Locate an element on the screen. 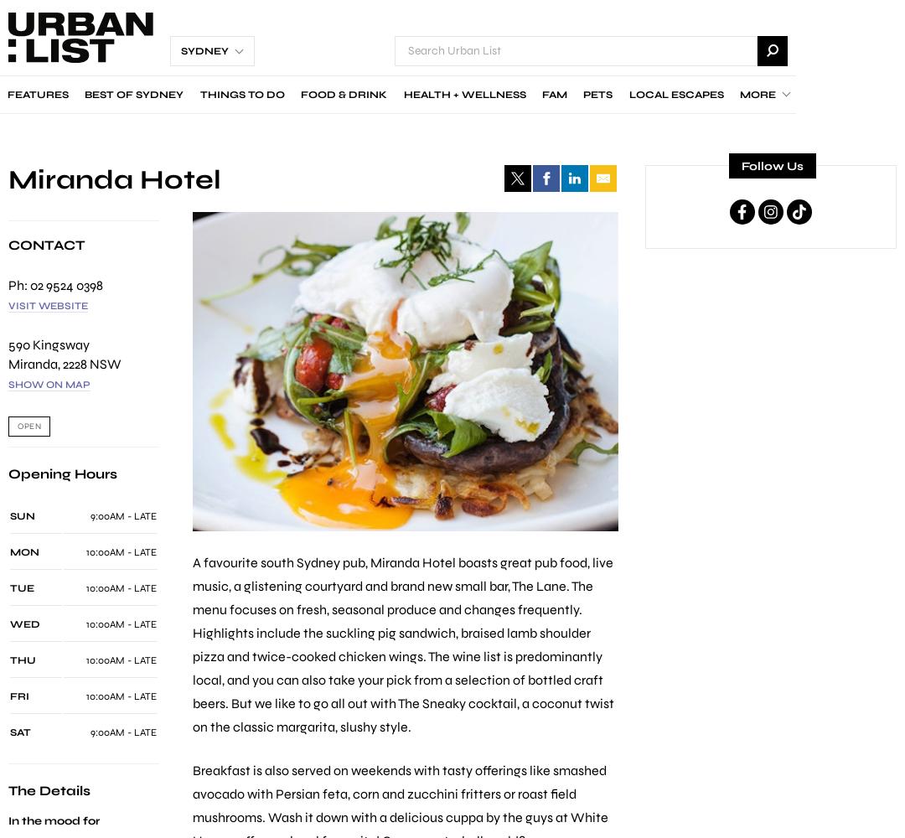  'NSW' is located at coordinates (106, 363).